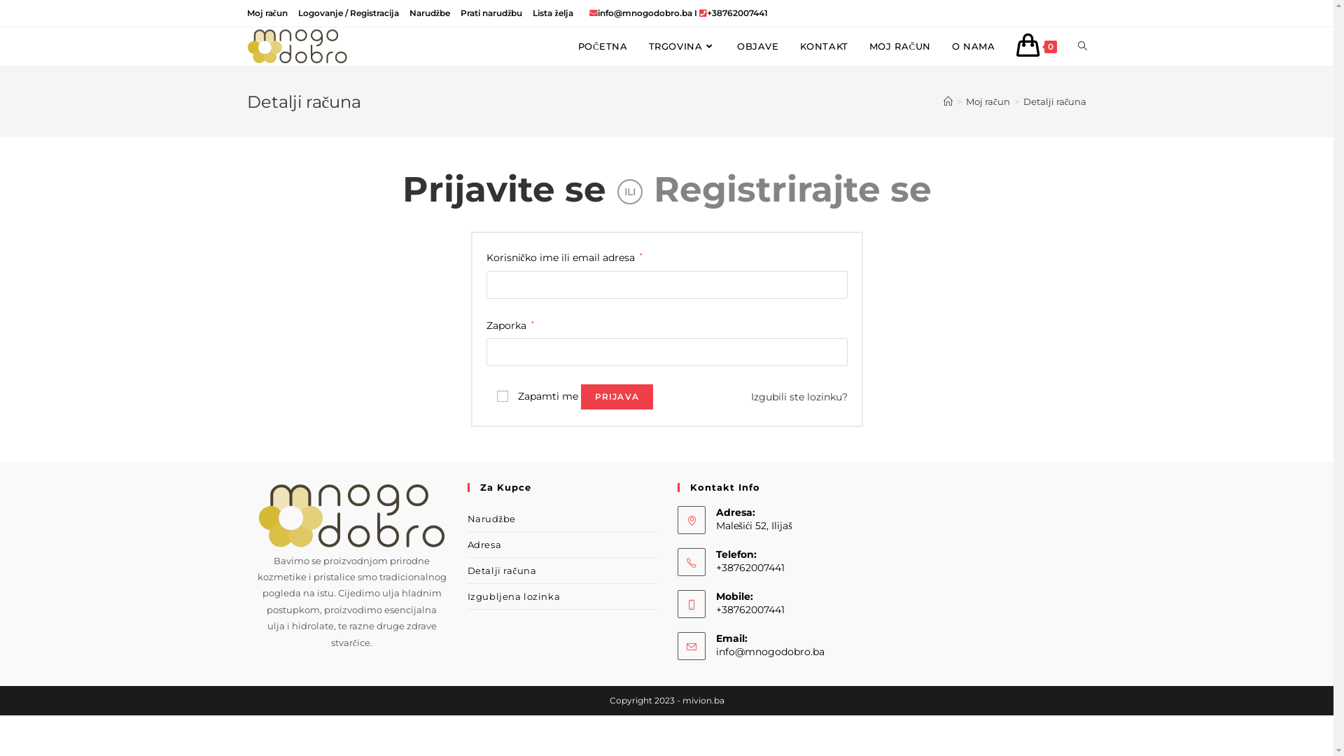 This screenshot has height=756, width=1344. I want to click on 'O NAMA', so click(973, 45).